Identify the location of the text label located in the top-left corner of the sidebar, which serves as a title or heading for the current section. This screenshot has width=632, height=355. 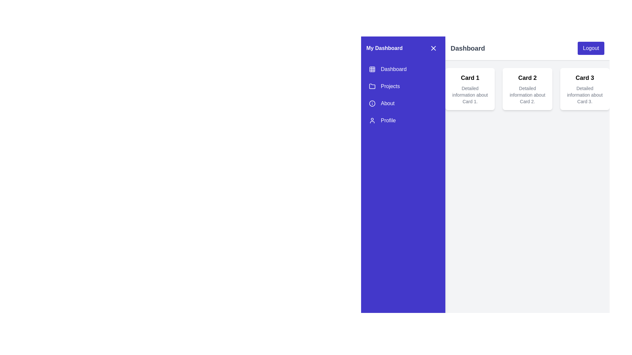
(384, 48).